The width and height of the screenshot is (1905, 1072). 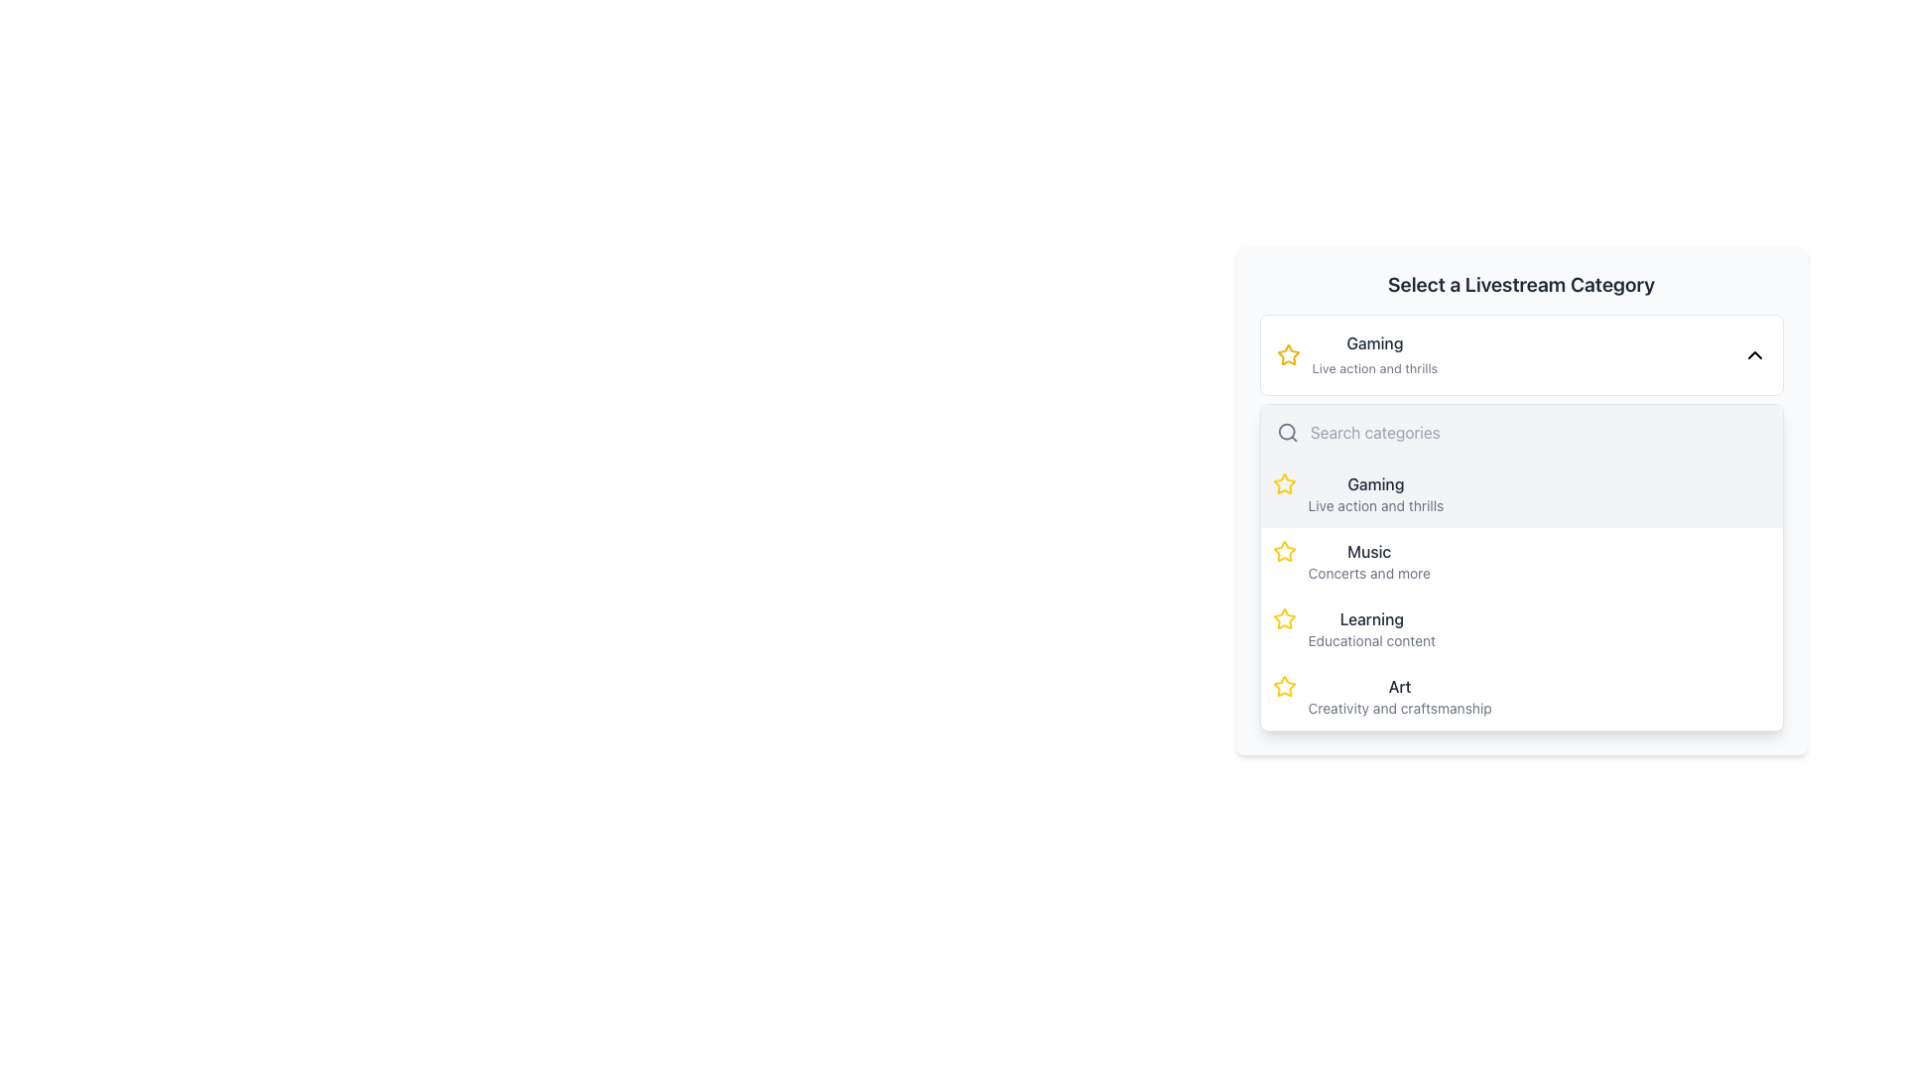 What do you see at coordinates (1374, 492) in the screenshot?
I see `the 'Gaming' label with subtext 'Live action and thrills' which is the second option under 'Select a Livestream Category'` at bounding box center [1374, 492].